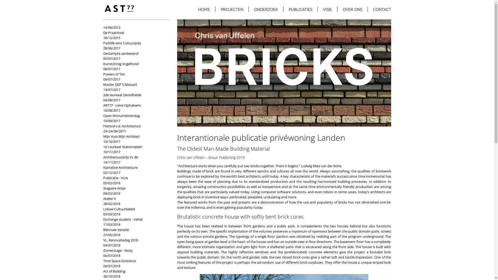 This screenshot has width=498, height=280. Describe the element at coordinates (134, 237) in the screenshot. I see `'27/05/2018` at that location.